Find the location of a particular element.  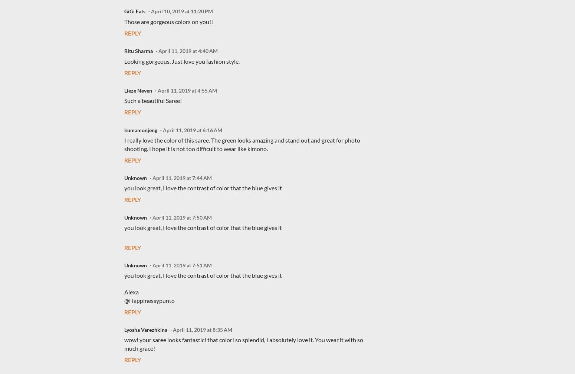

'April 10, 2019 at 11:20 PM' is located at coordinates (181, 11).